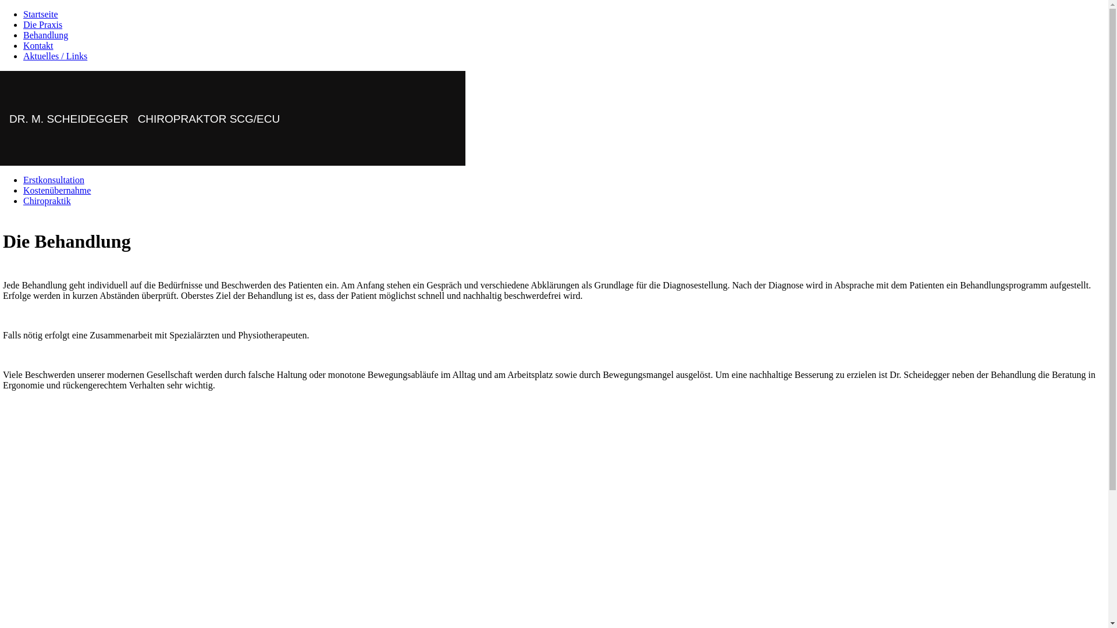  Describe the element at coordinates (47, 200) in the screenshot. I see `'Chiropraktik'` at that location.